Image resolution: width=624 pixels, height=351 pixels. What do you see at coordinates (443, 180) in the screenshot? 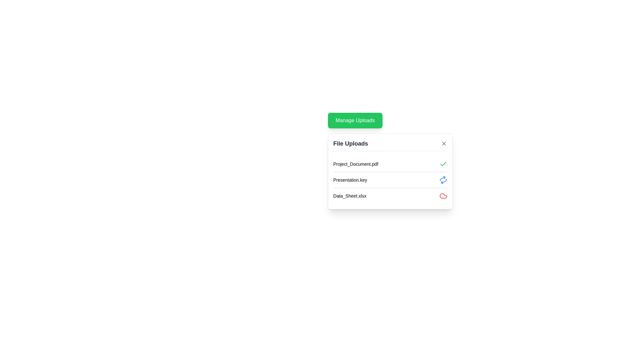
I see `the loading icon located to the far-right of the list item containing 'Presentation.key' in the 'File Uploads' section, which indicates ongoing activity` at bounding box center [443, 180].